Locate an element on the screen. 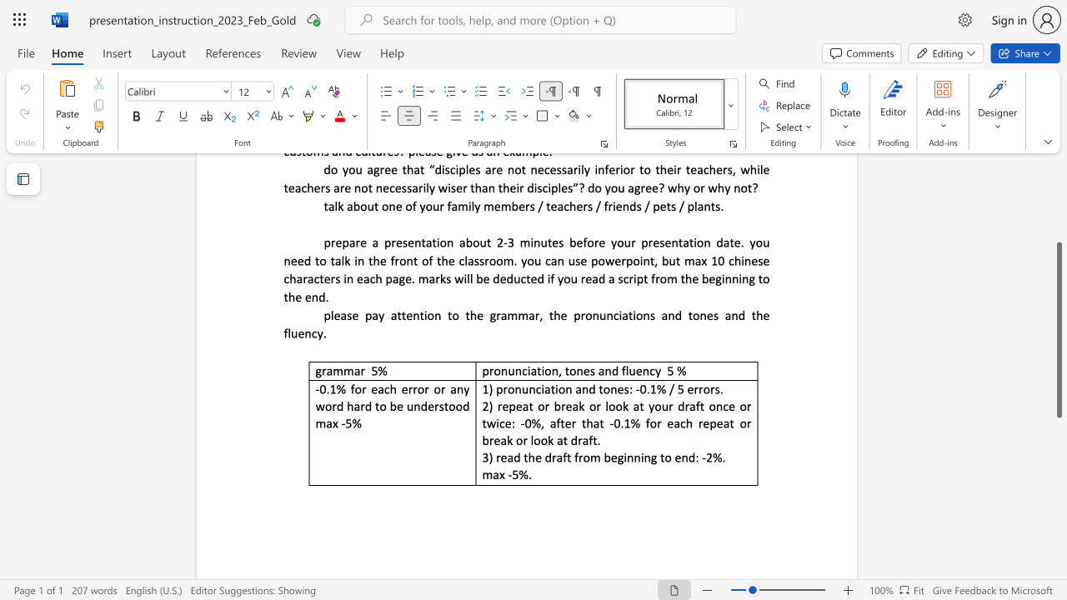  the scrollbar and move down 300 pixels is located at coordinates (1058, 330).